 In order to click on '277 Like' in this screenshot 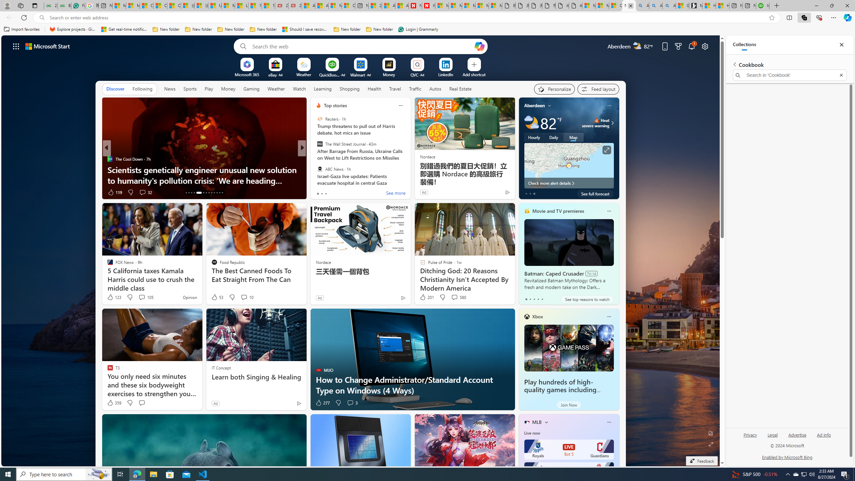, I will do `click(322, 403)`.